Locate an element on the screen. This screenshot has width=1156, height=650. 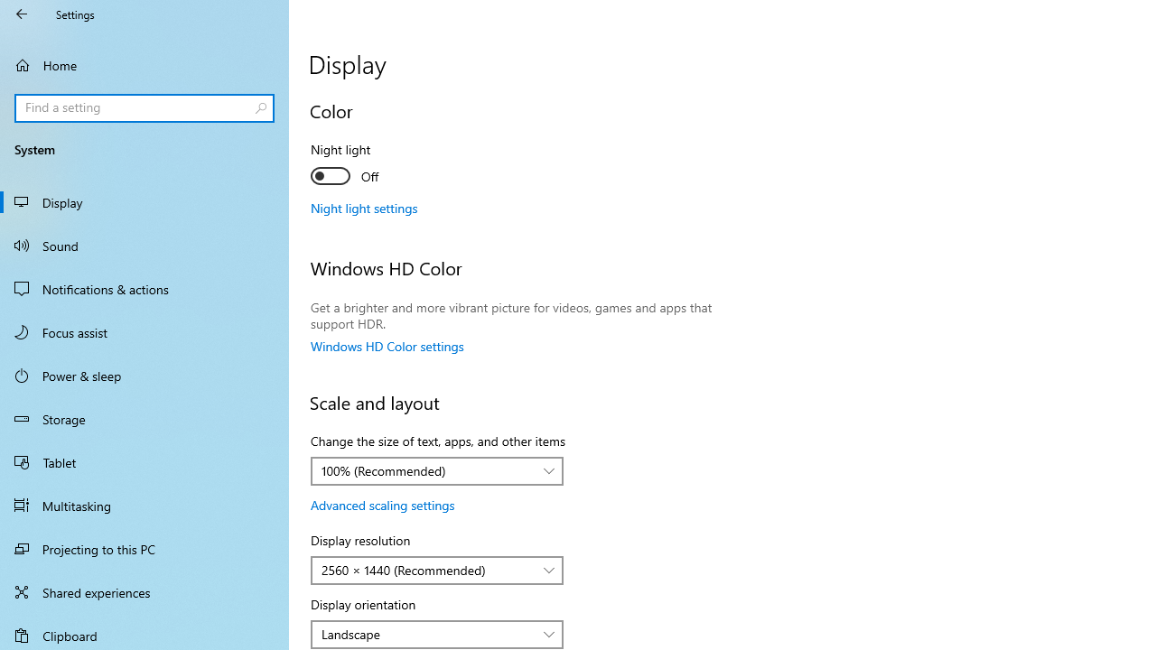
'Landscape' is located at coordinates (426, 633).